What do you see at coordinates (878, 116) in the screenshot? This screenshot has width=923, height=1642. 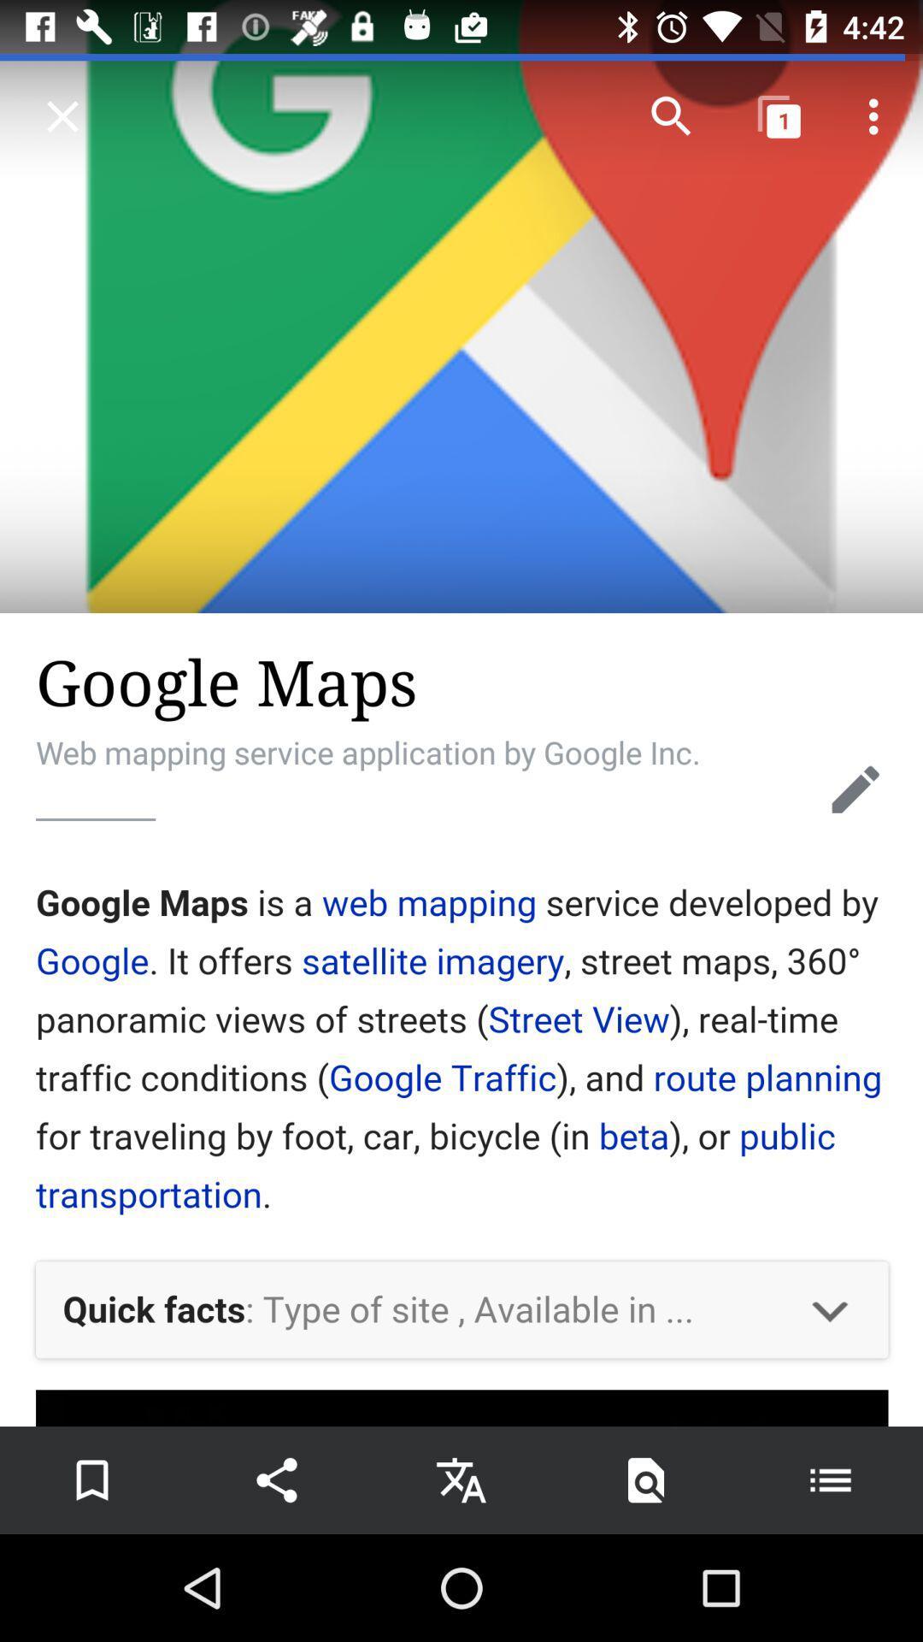 I see `the last icon which is at  top right corner` at bounding box center [878, 116].